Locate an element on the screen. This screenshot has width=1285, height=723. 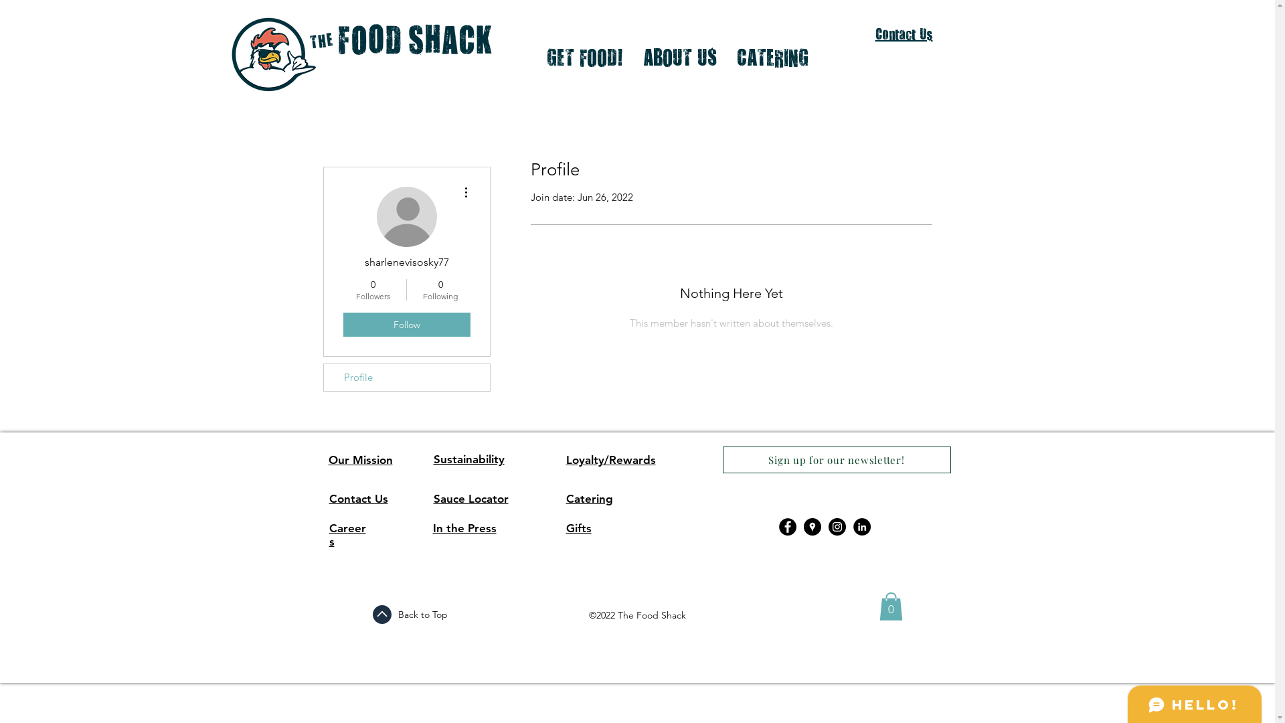
'Sign up for our newsletter!' is located at coordinates (836, 459).